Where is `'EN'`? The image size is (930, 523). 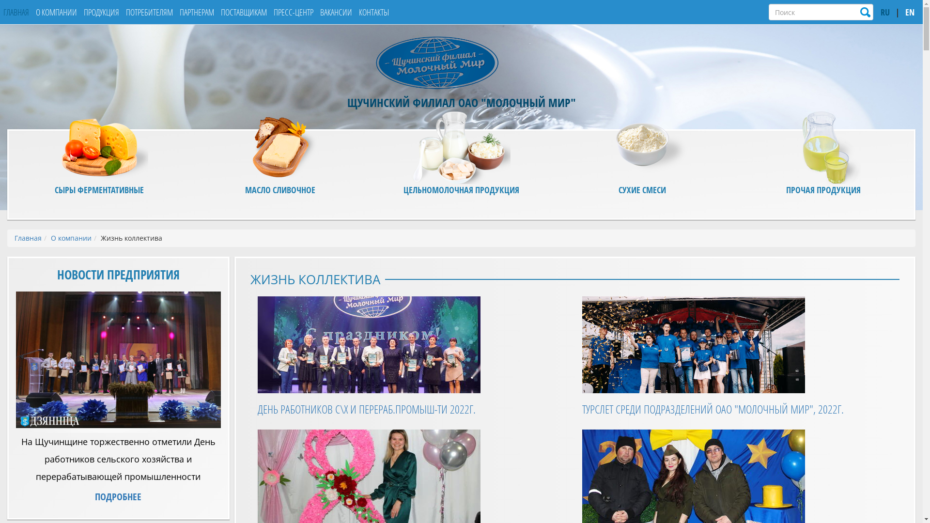 'EN' is located at coordinates (909, 13).